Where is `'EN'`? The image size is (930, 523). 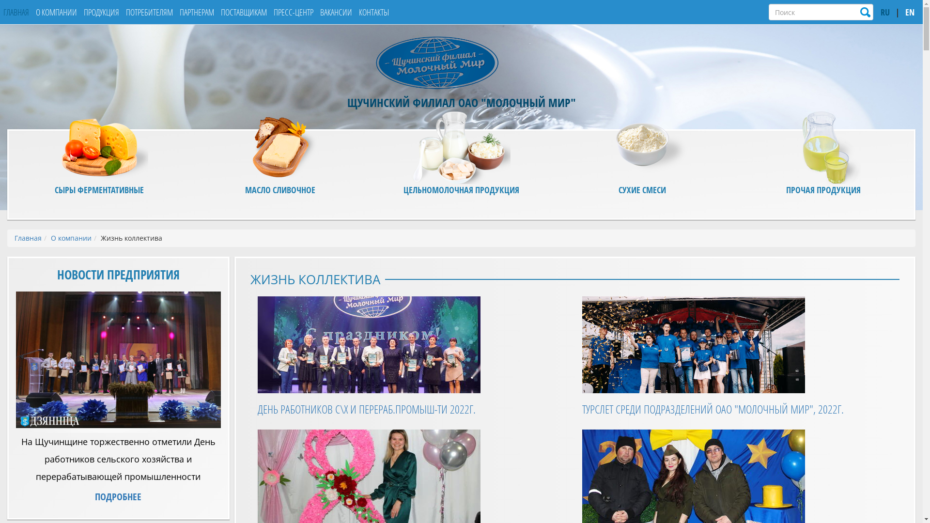 'EN' is located at coordinates (909, 13).